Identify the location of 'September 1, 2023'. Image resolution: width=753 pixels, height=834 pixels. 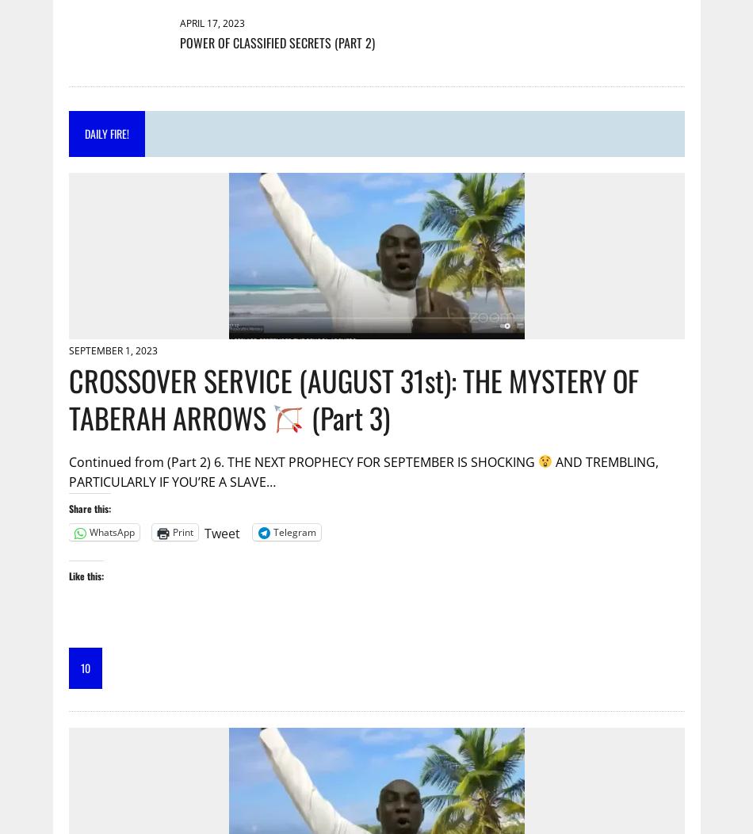
(113, 350).